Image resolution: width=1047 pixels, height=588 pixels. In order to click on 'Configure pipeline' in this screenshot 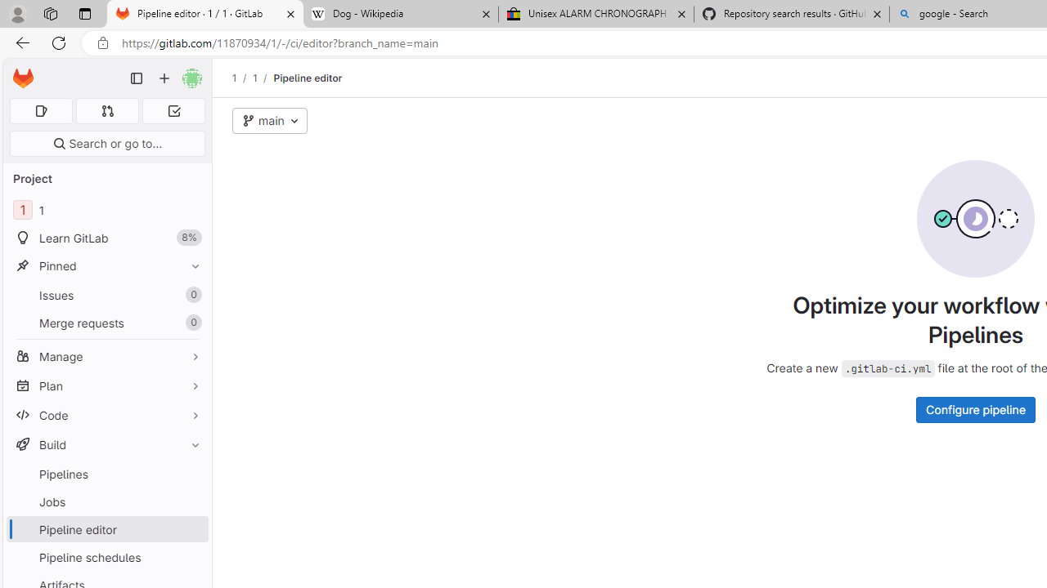, I will do `click(975, 408)`.